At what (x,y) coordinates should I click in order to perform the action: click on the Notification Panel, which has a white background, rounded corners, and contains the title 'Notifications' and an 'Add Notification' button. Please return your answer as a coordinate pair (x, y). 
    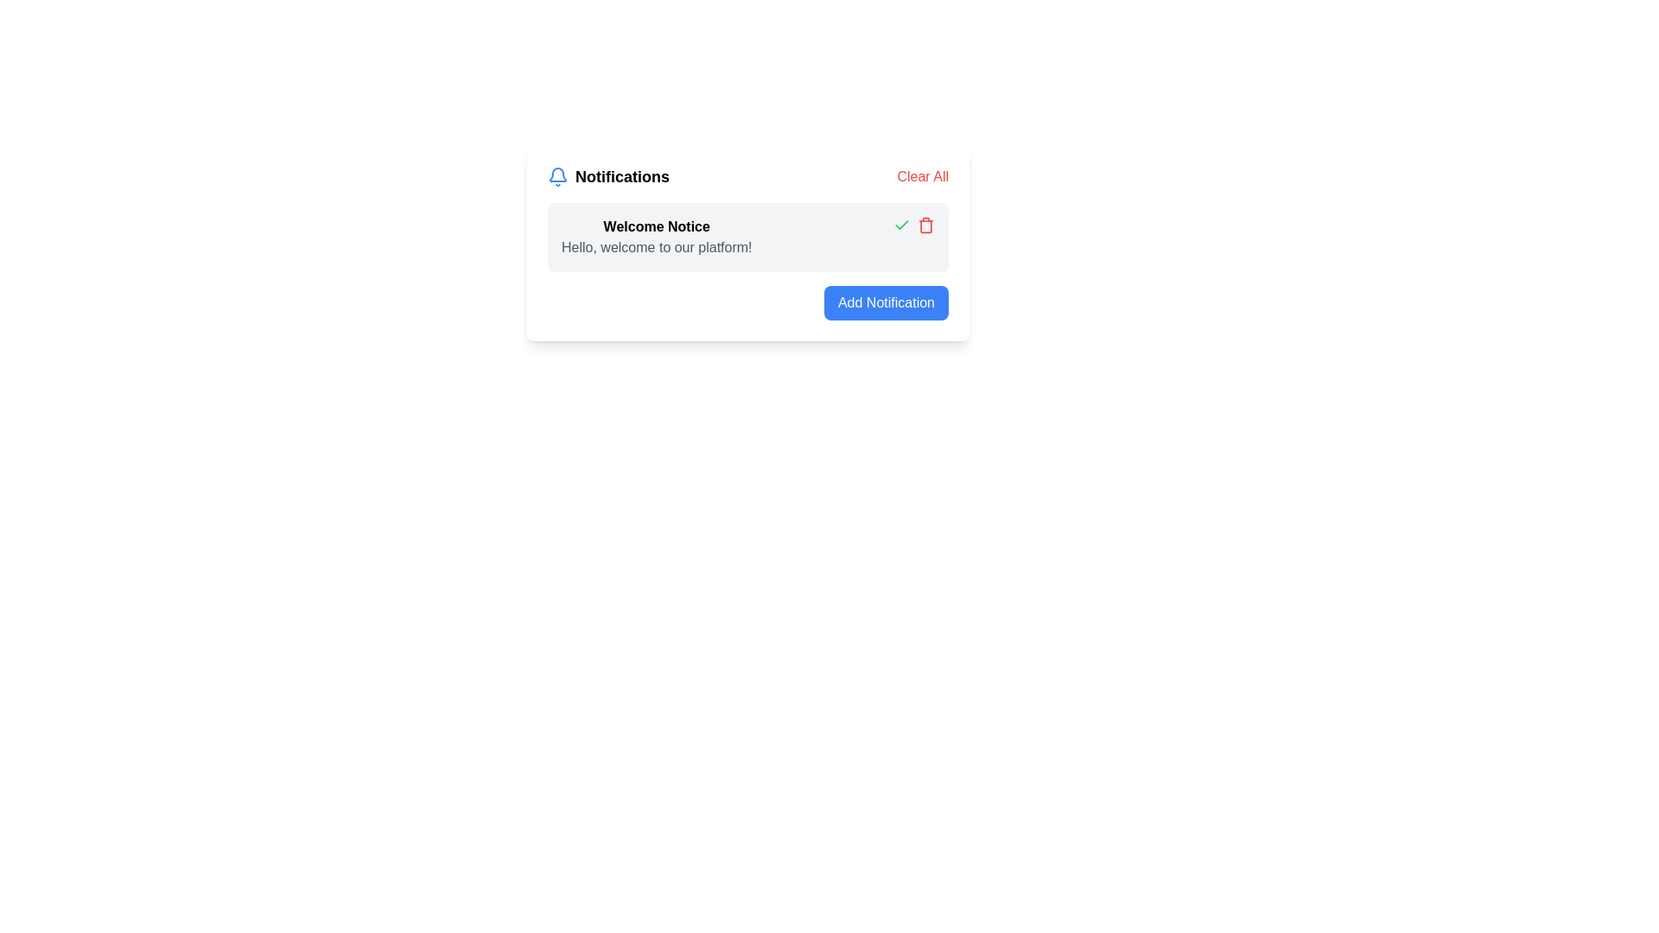
    Looking at the image, I should click on (747, 243).